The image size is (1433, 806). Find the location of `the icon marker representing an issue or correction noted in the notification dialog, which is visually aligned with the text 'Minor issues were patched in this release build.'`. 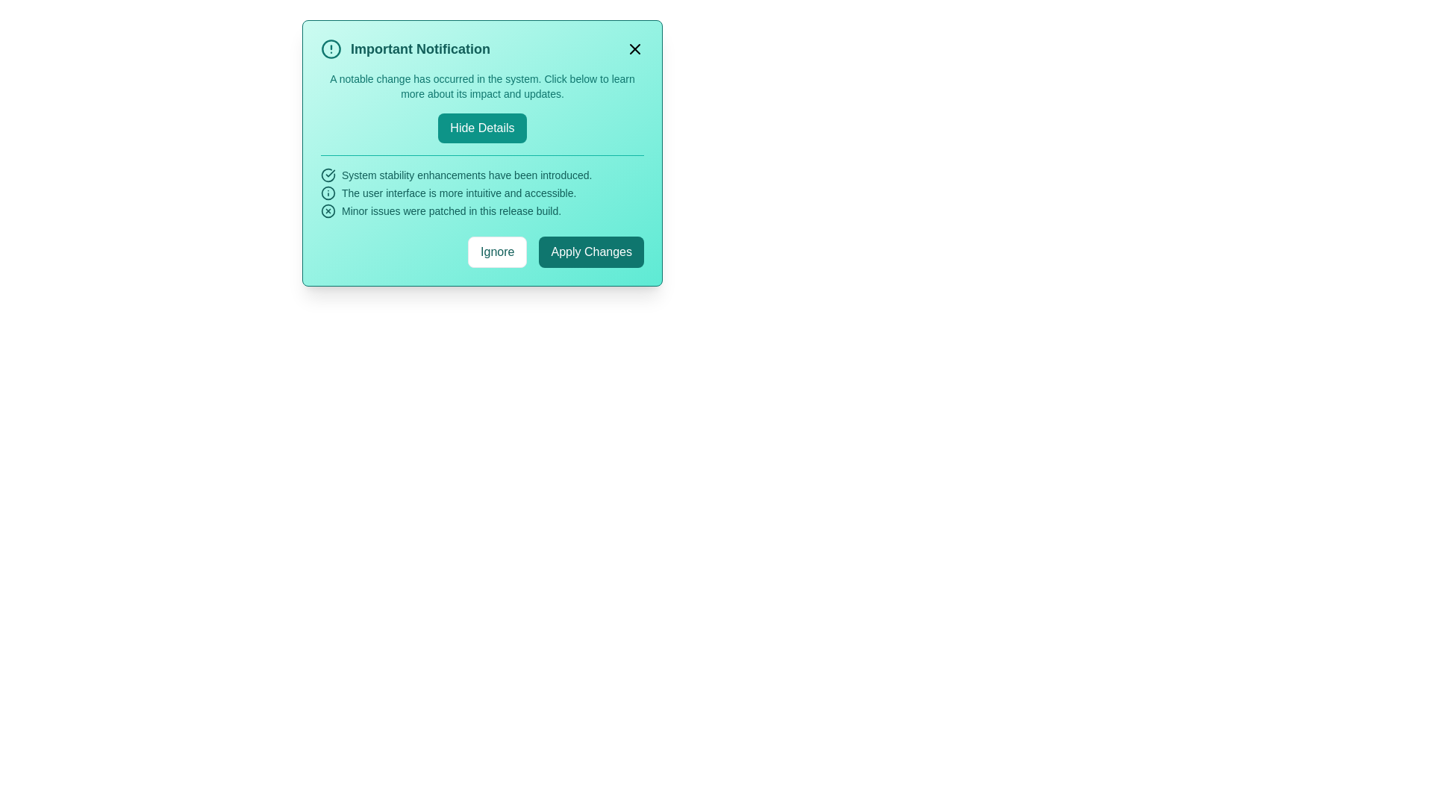

the icon marker representing an issue or correction noted in the notification dialog, which is visually aligned with the text 'Minor issues were patched in this release build.' is located at coordinates (328, 210).